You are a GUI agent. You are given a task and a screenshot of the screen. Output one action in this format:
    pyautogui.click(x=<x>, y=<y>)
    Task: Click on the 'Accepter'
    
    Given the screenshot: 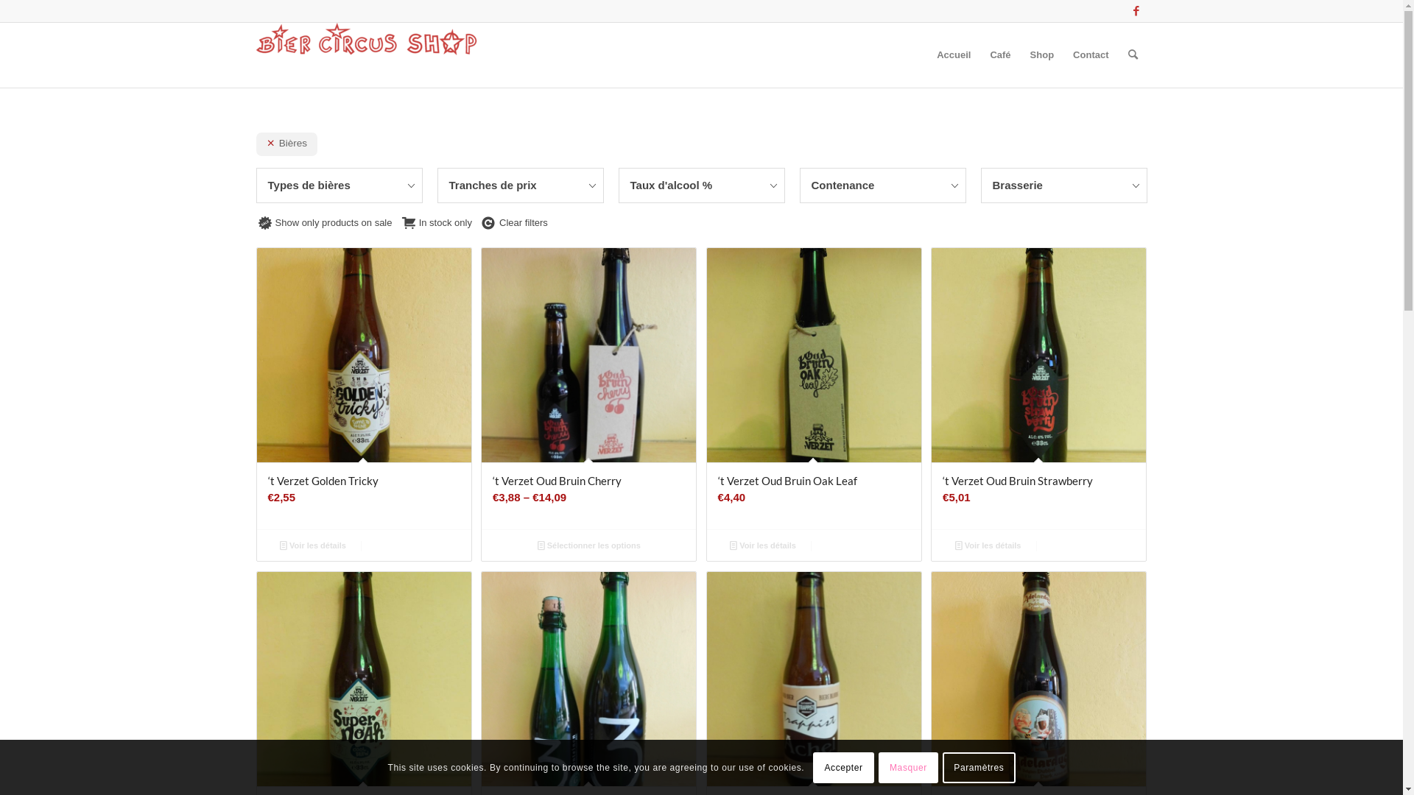 What is the action you would take?
    pyautogui.click(x=812, y=766)
    